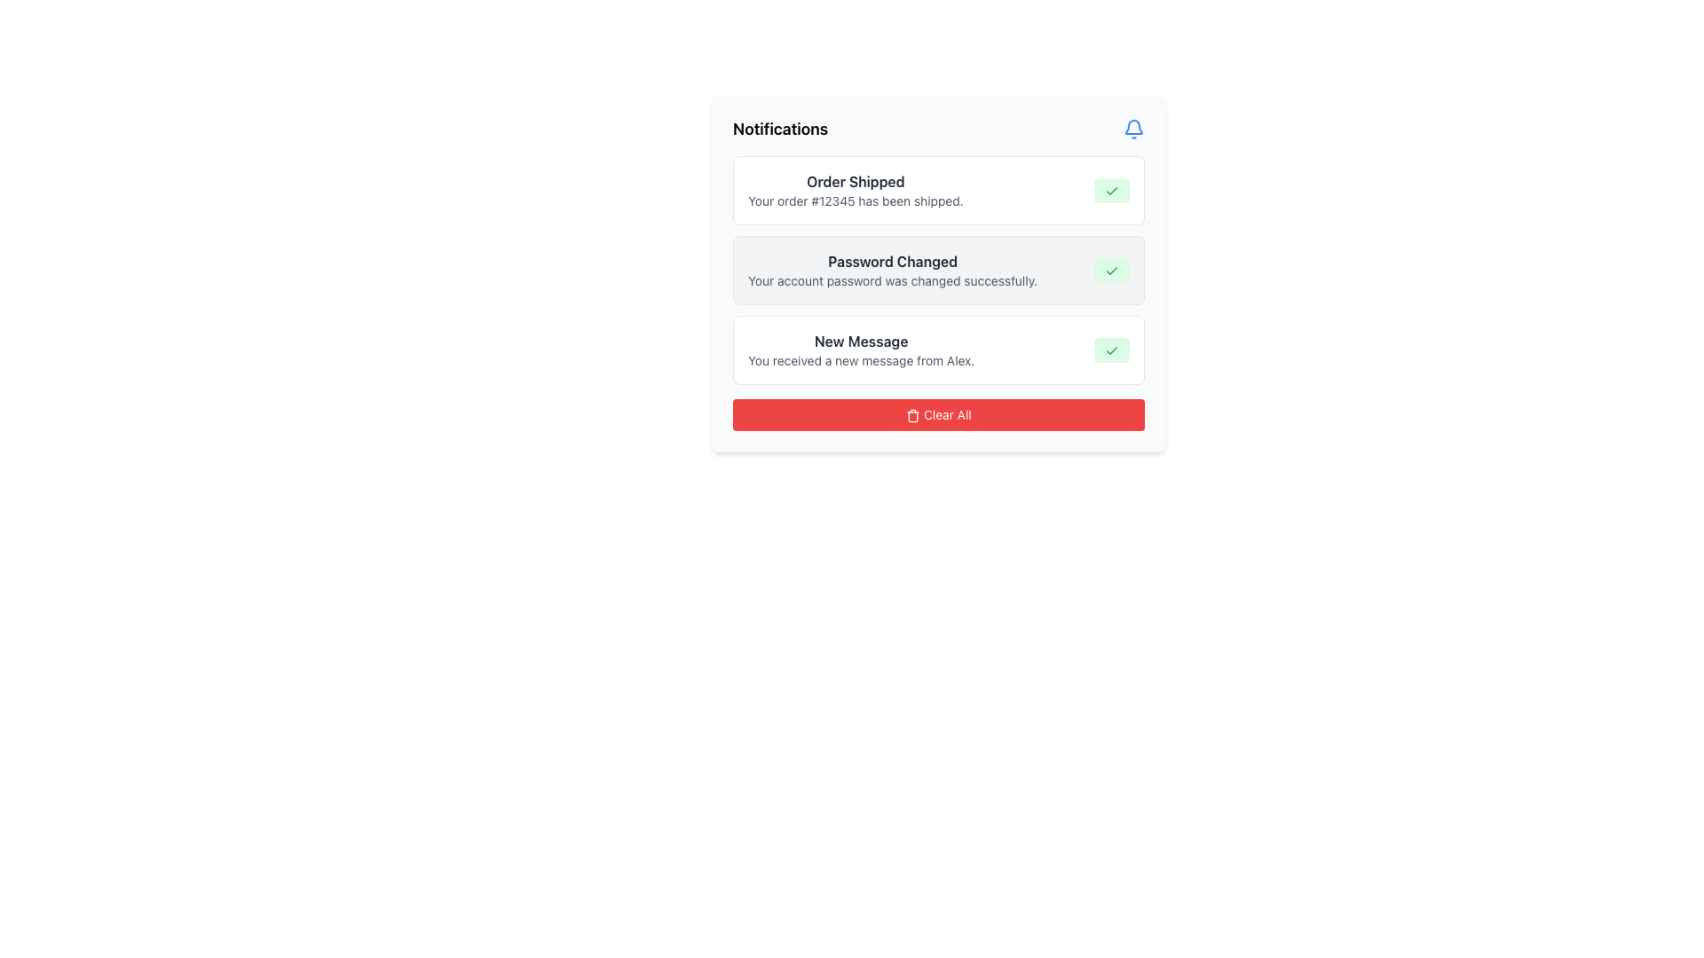 The width and height of the screenshot is (1704, 958). I want to click on the checkmark icon within the 'Order Shipped' notification, which is located on the right-hand side of the text field in a green-highlighted rounded rectangular background, so click(1110, 192).